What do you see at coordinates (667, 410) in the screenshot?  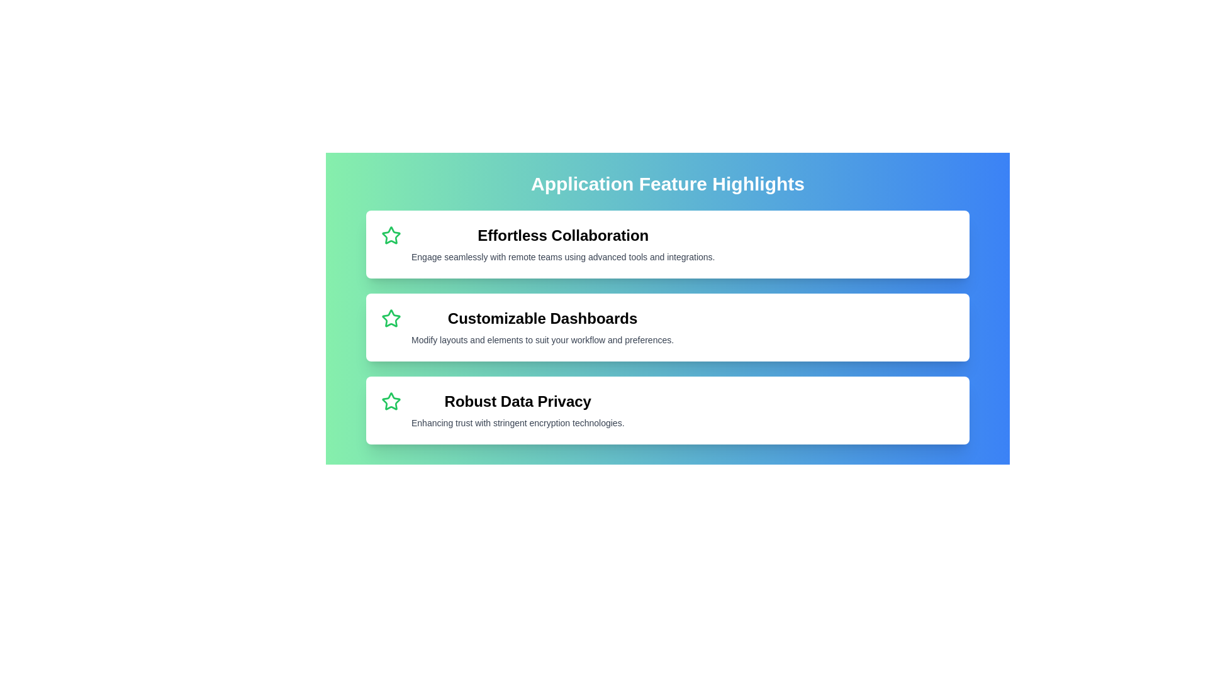 I see `the third Feature Highlight about robust data privacy` at bounding box center [667, 410].